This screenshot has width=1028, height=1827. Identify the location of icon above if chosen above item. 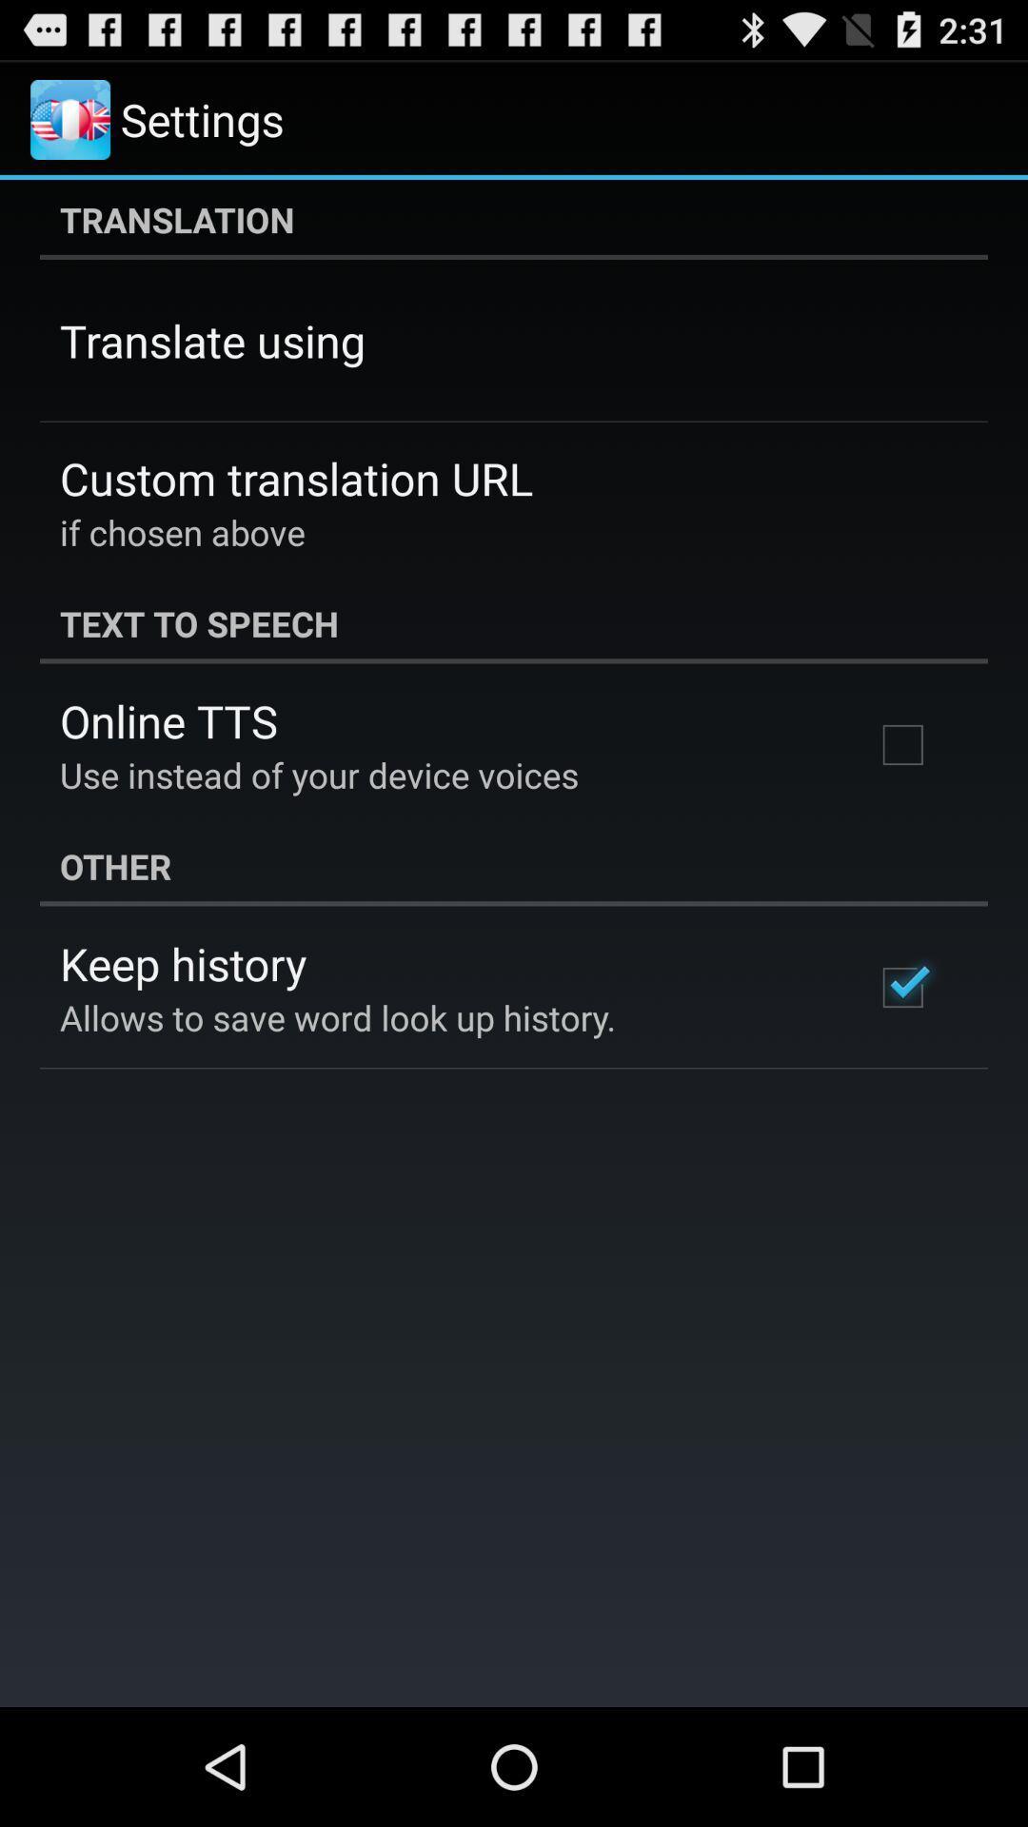
(296, 478).